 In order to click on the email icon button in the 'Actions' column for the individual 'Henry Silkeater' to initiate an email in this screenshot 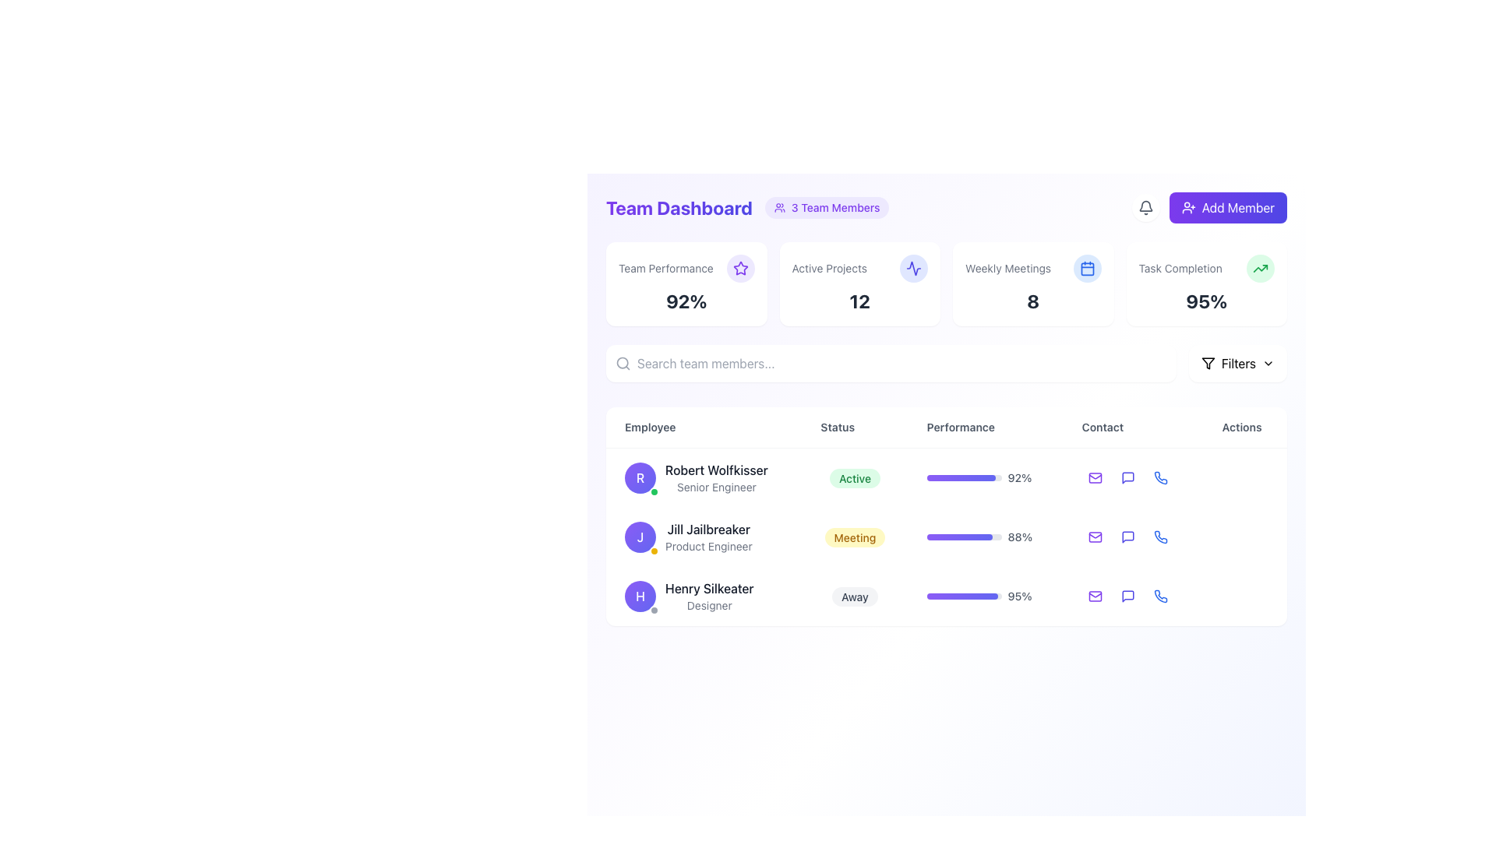, I will do `click(1094, 596)`.